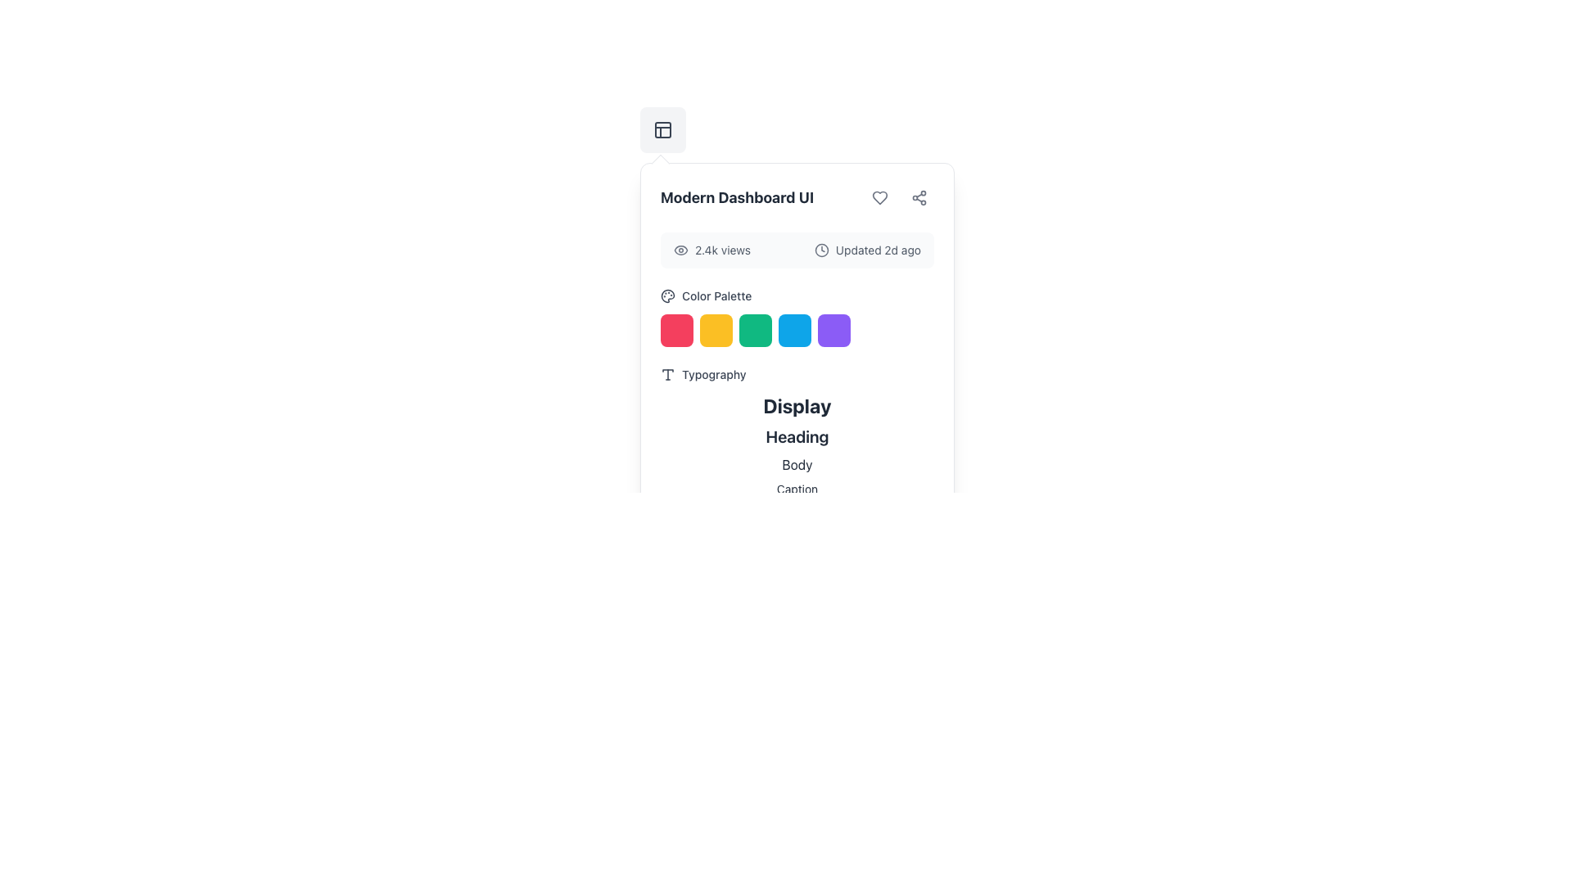 This screenshot has width=1572, height=884. Describe the element at coordinates (821, 250) in the screenshot. I see `the clock icon located to the immediate left of the text 'Updated 2d ago', which is outlined in light gray and features clock hands` at that location.